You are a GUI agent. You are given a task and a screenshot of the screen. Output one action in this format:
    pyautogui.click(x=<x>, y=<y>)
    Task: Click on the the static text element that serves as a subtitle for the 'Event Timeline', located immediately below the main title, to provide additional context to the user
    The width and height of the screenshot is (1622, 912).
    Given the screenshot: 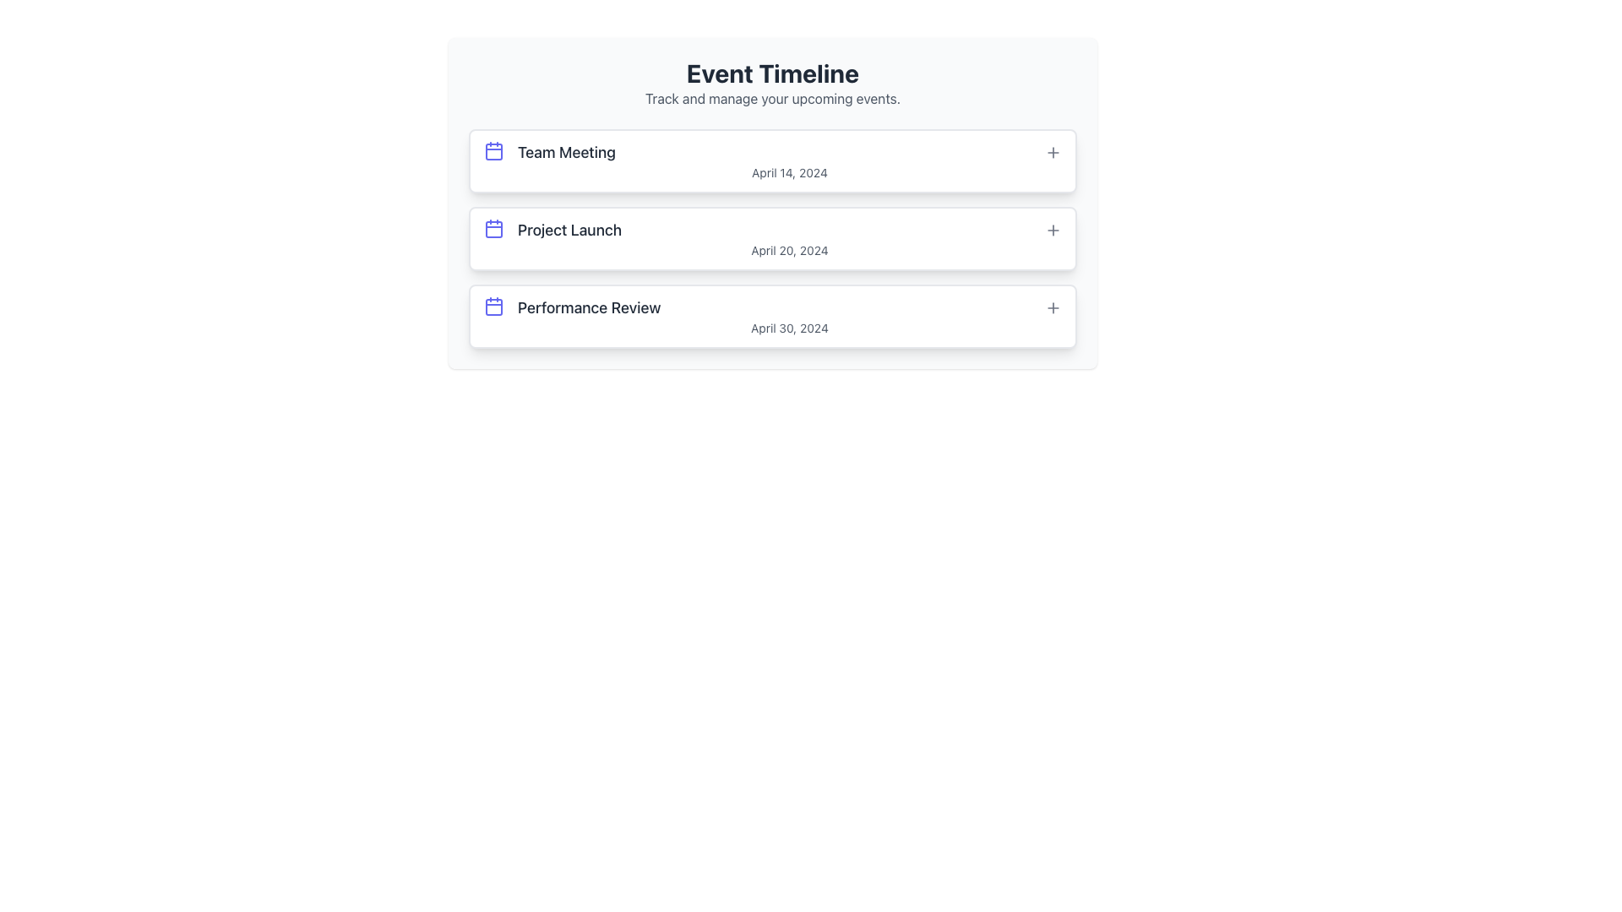 What is the action you would take?
    pyautogui.click(x=772, y=98)
    